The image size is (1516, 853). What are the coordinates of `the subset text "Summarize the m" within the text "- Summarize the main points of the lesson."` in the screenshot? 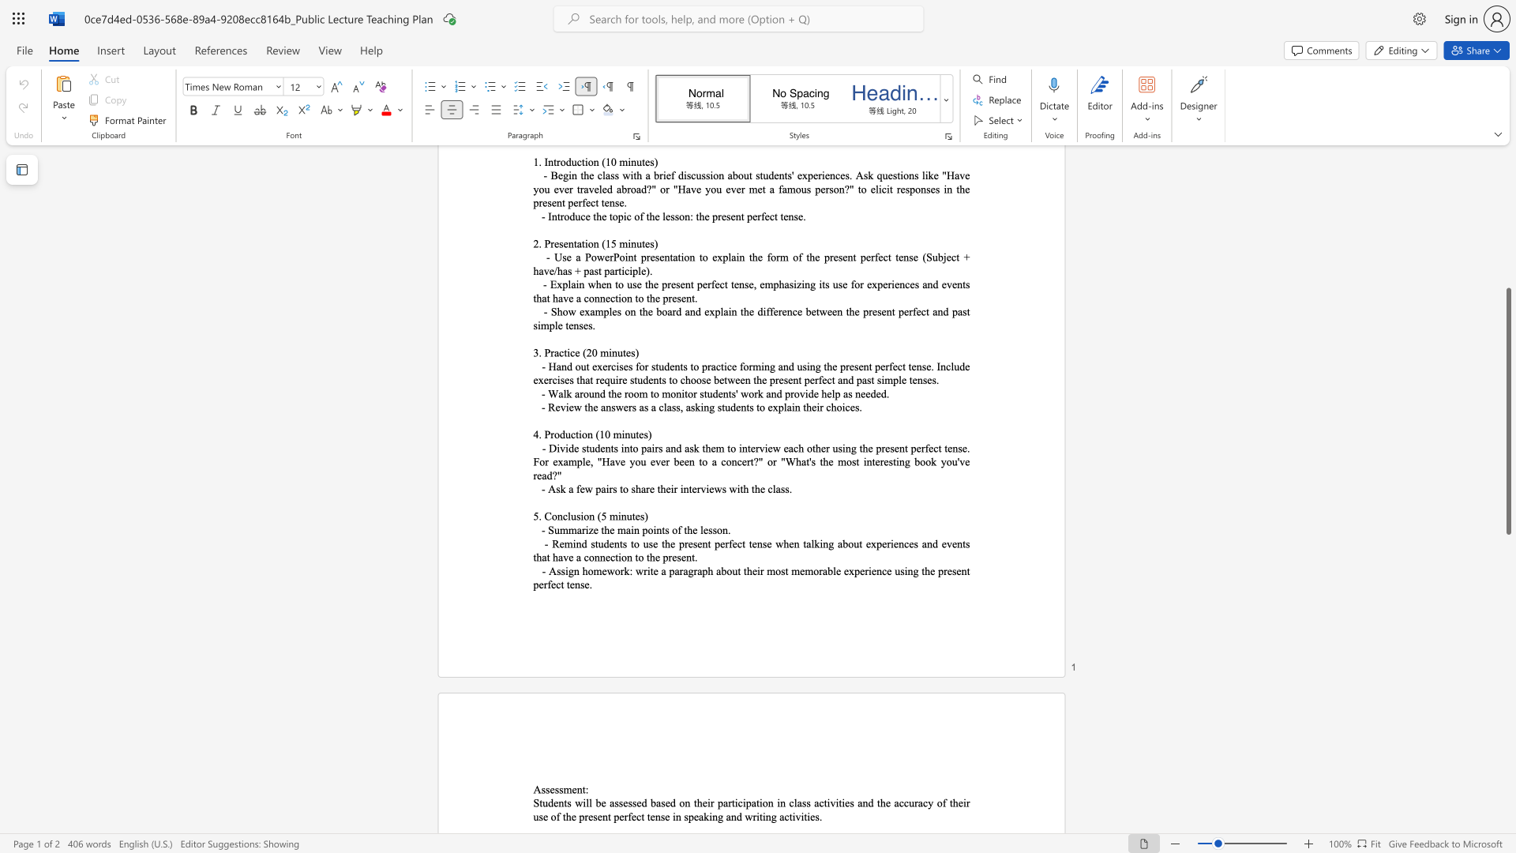 It's located at (548, 530).